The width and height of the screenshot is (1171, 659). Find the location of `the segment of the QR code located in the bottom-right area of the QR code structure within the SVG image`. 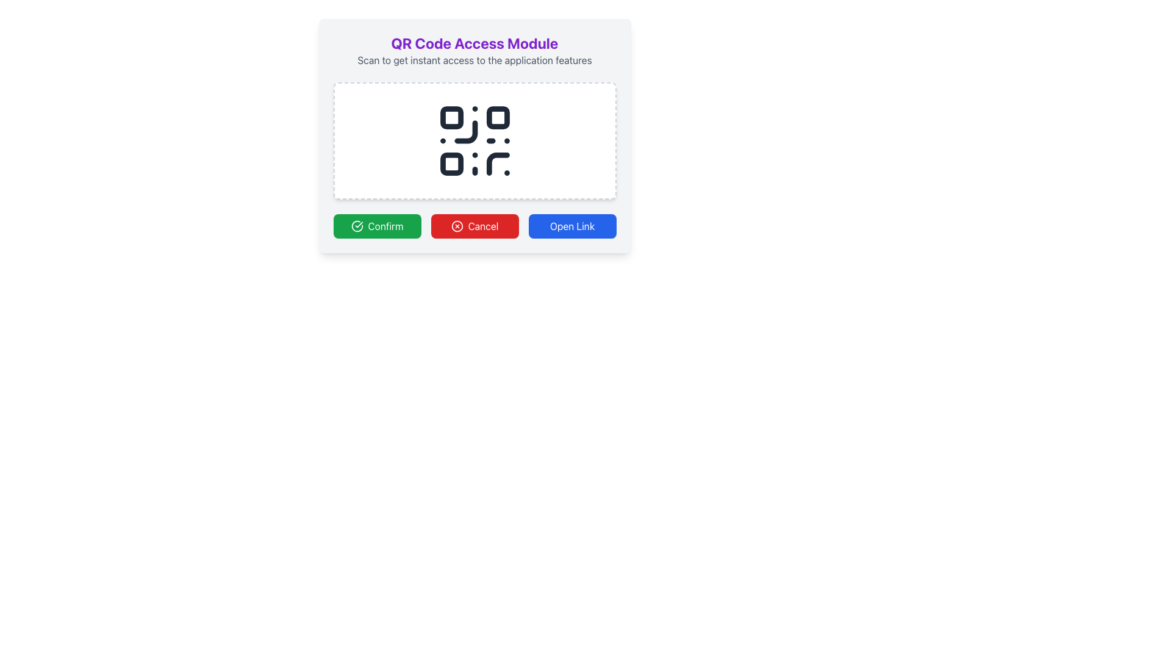

the segment of the QR code located in the bottom-right area of the QR code structure within the SVG image is located at coordinates (498, 163).